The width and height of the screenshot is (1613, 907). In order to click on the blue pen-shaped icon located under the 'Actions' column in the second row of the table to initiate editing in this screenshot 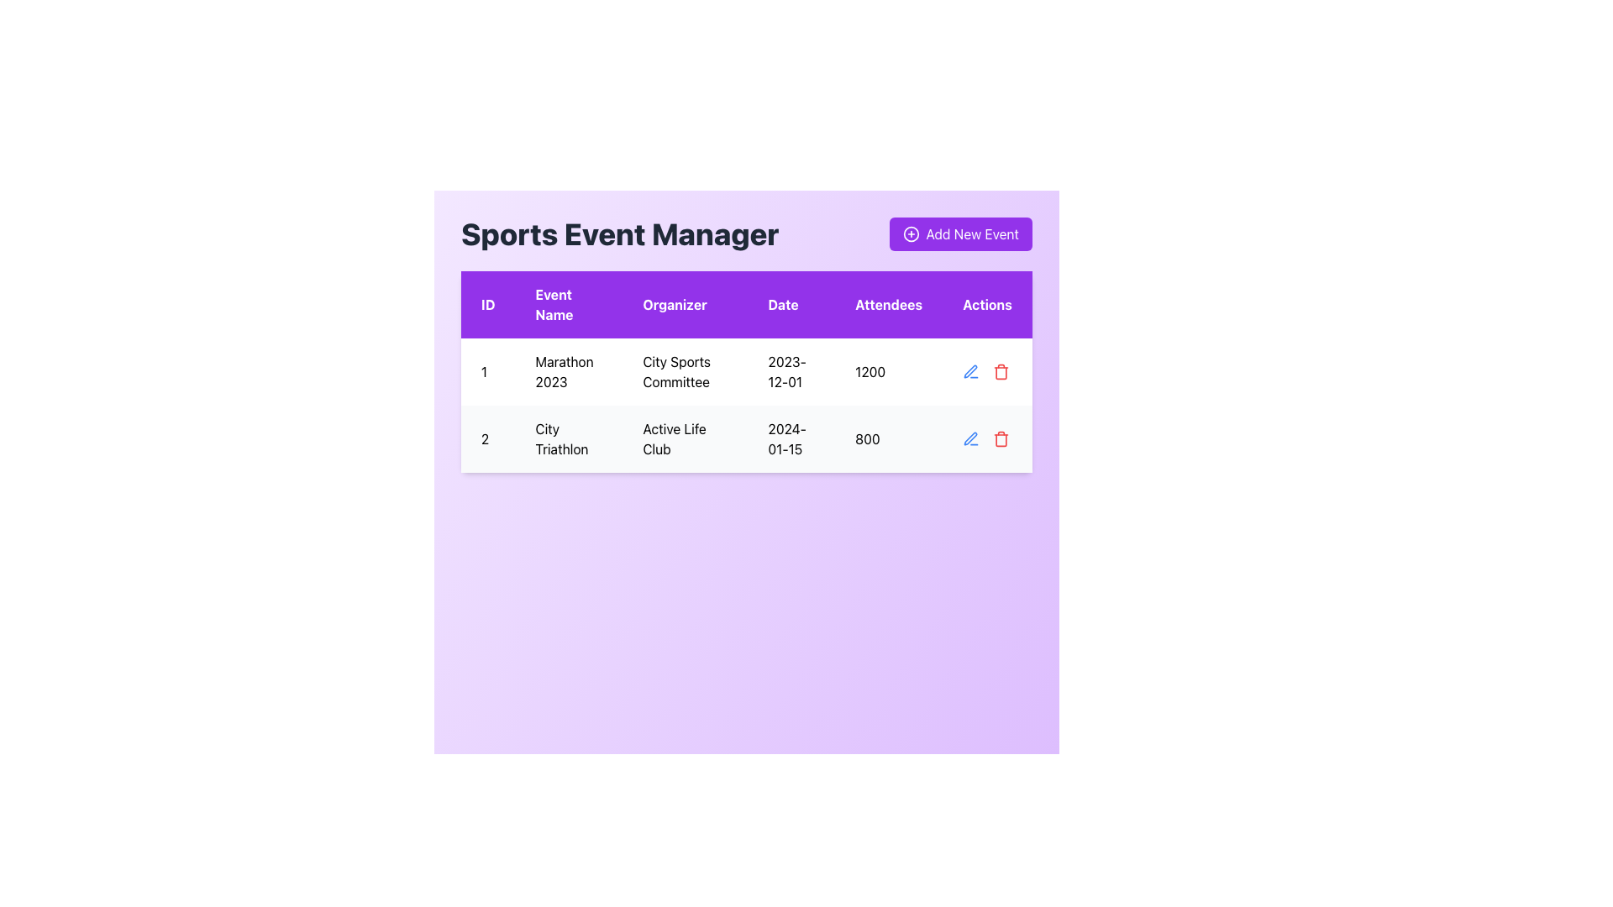, I will do `click(971, 371)`.